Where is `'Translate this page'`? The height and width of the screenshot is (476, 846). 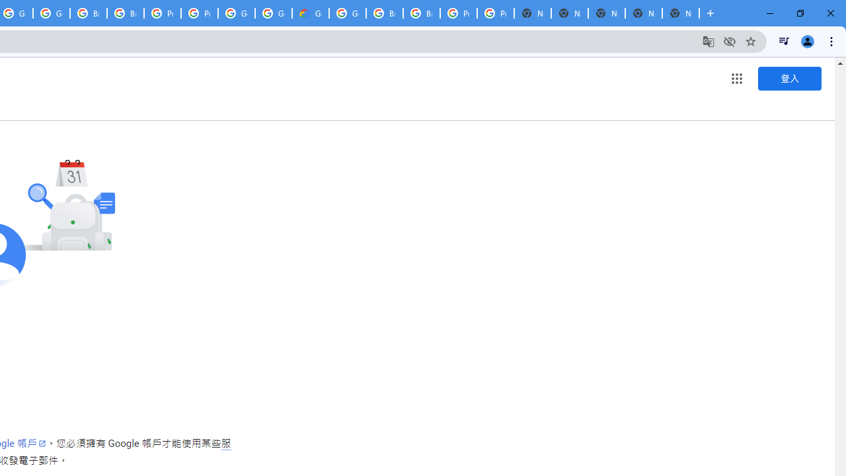
'Translate this page' is located at coordinates (708, 40).